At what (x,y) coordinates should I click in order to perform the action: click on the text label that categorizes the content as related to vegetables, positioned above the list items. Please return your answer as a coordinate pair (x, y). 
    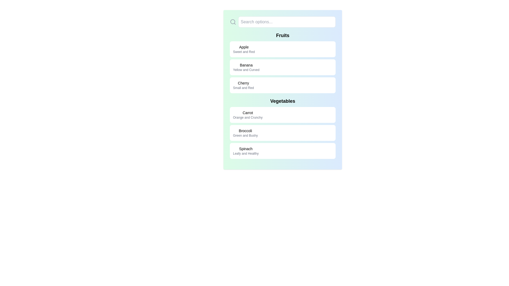
    Looking at the image, I should click on (282, 101).